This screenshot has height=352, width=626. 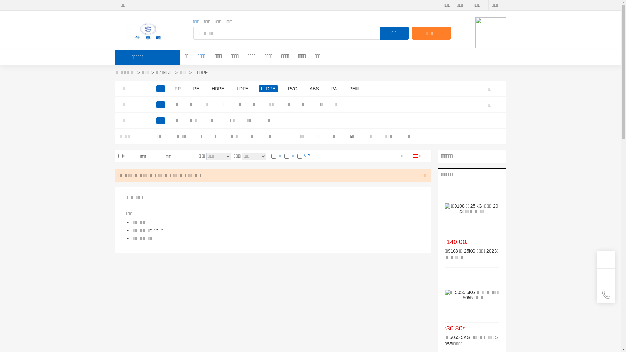 What do you see at coordinates (178, 89) in the screenshot?
I see `'PP'` at bounding box center [178, 89].